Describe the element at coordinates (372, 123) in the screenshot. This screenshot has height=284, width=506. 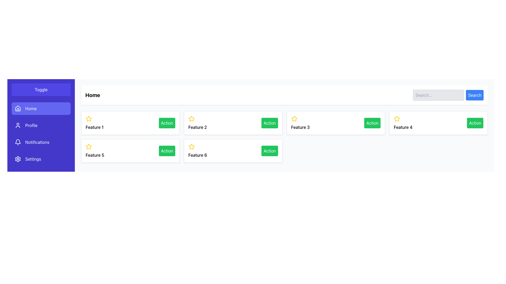
I see `the button located in the top-right corner of the card labeled 'Feature 3', which triggers an action related to that feature` at that location.